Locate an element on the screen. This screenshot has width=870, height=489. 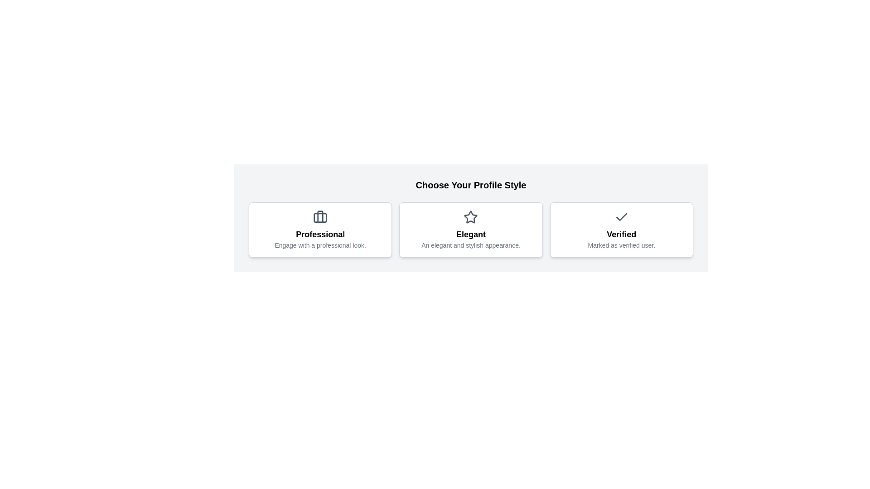
the icon representing the Verified profile style is located at coordinates (621, 217).